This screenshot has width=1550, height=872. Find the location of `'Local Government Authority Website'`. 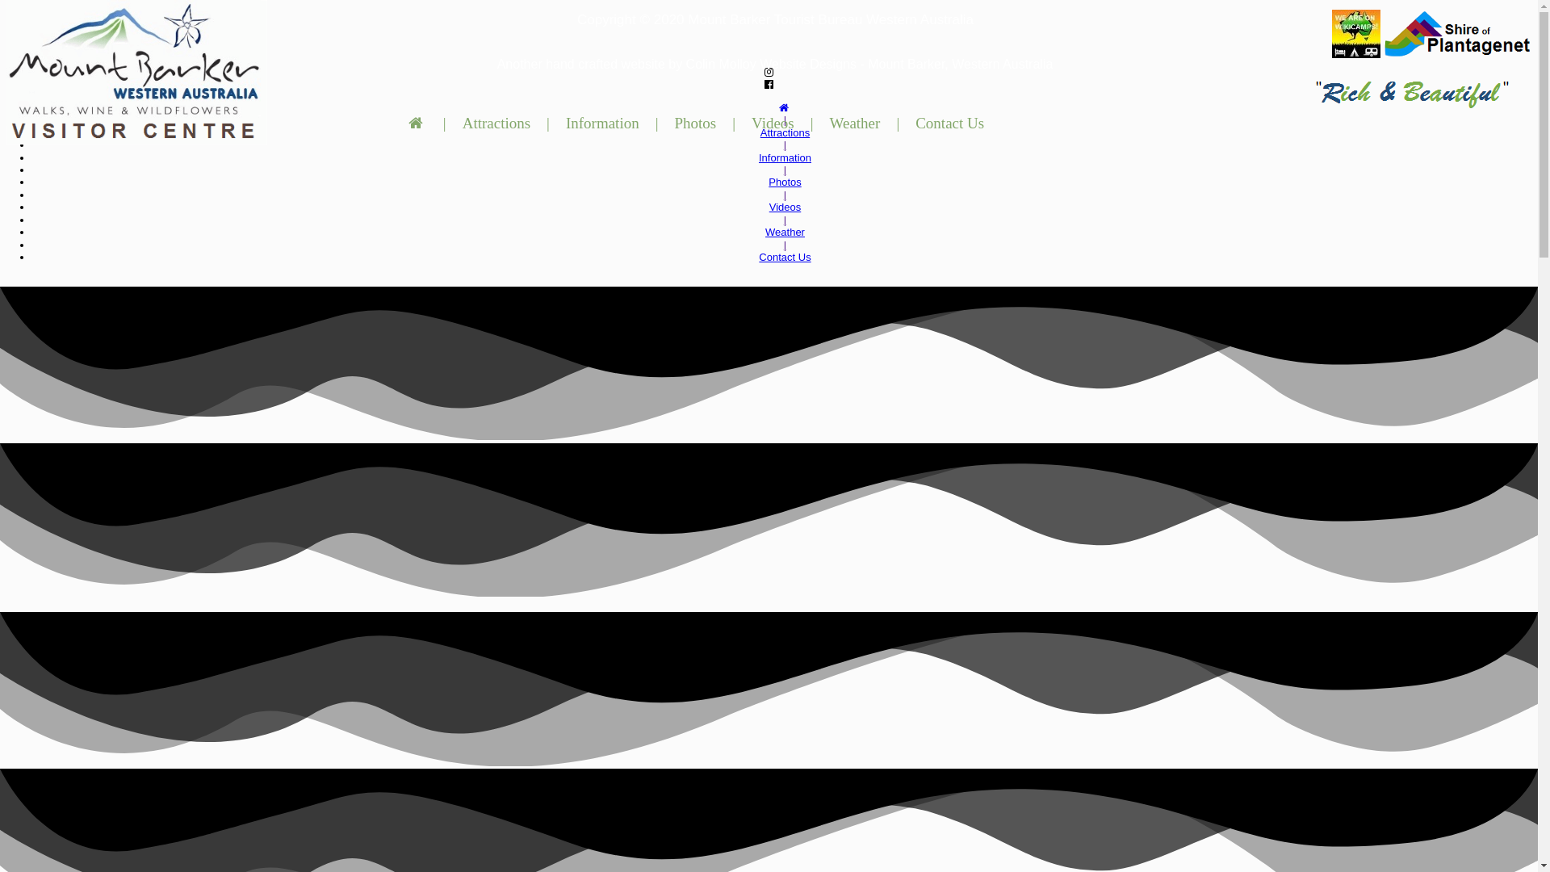

'Local Government Authority Website' is located at coordinates (1383, 34).